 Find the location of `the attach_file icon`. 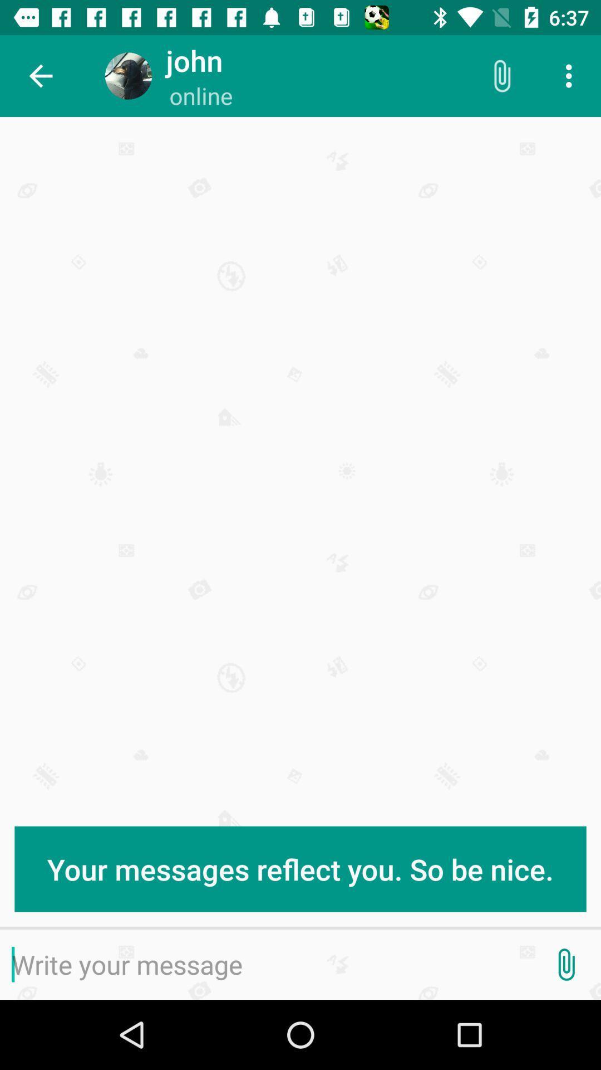

the attach_file icon is located at coordinates (566, 964).